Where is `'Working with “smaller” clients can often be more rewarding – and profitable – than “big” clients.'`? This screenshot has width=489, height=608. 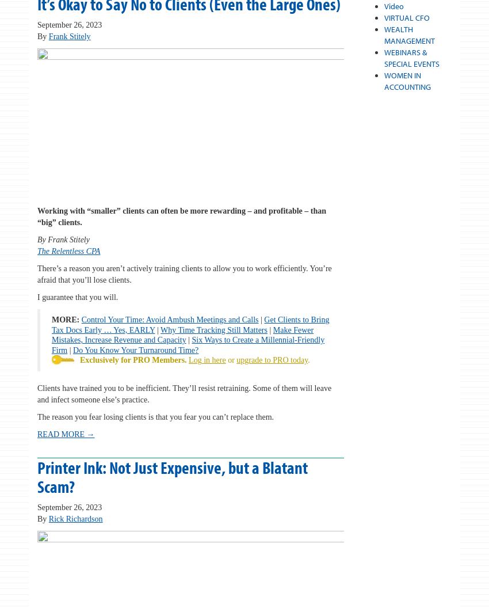 'Working with “smaller” clients can often be more rewarding – and profitable – than “big” clients.' is located at coordinates (182, 216).